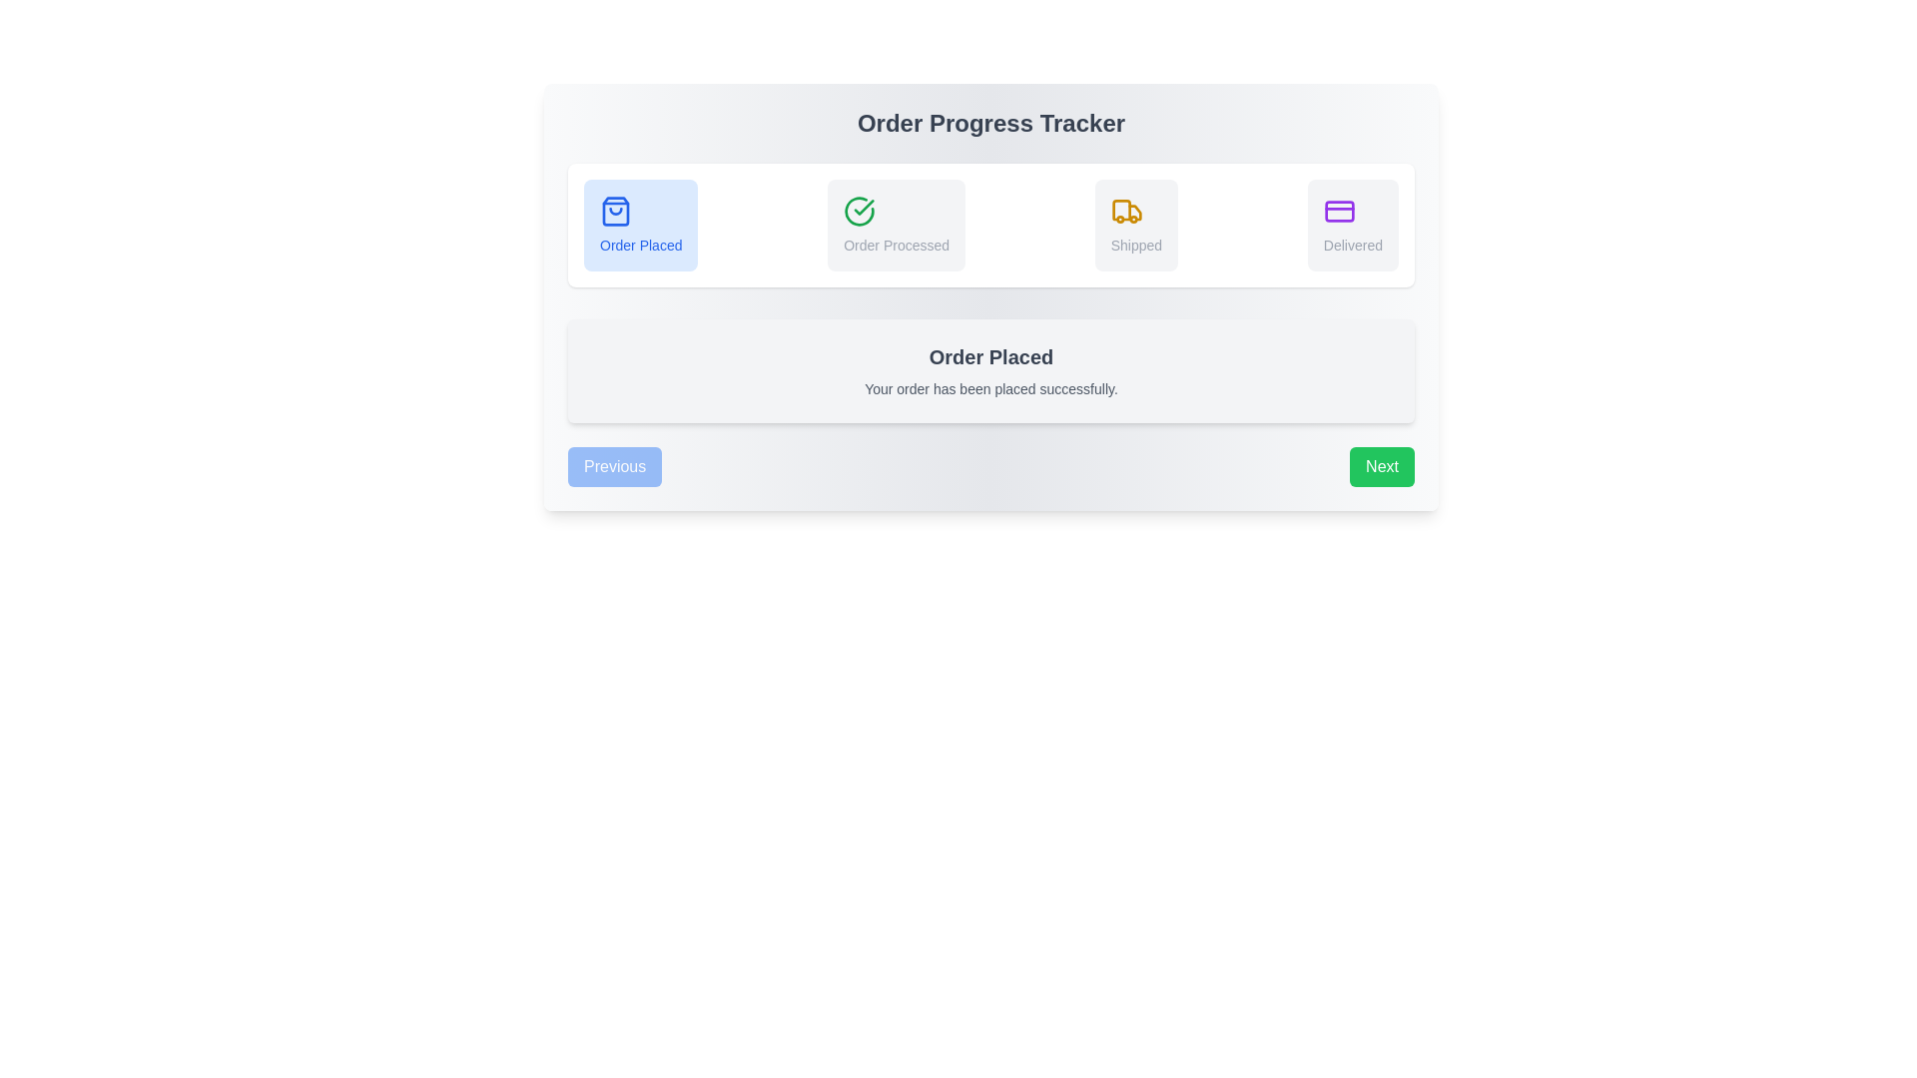  Describe the element at coordinates (1339, 212) in the screenshot. I see `the rectangular graphical element within the credit card icon, which is the fourth in a series of four progress indicators at the top of the display` at that location.